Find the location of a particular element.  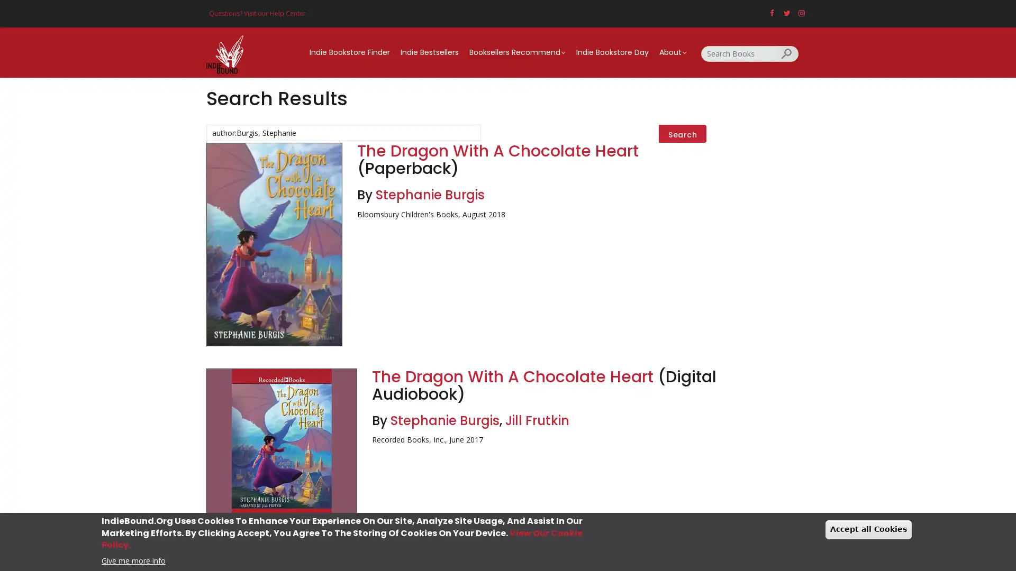

Give me more info is located at coordinates (133, 559).